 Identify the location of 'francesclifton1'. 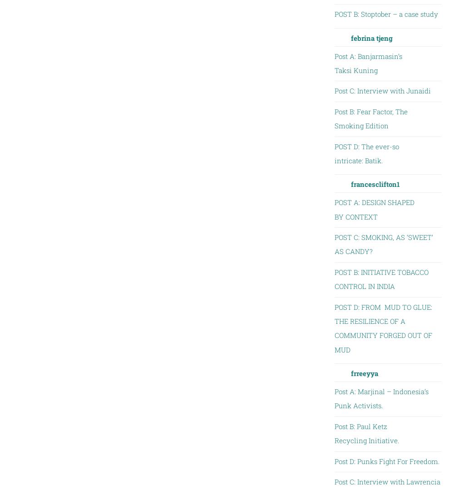
(350, 183).